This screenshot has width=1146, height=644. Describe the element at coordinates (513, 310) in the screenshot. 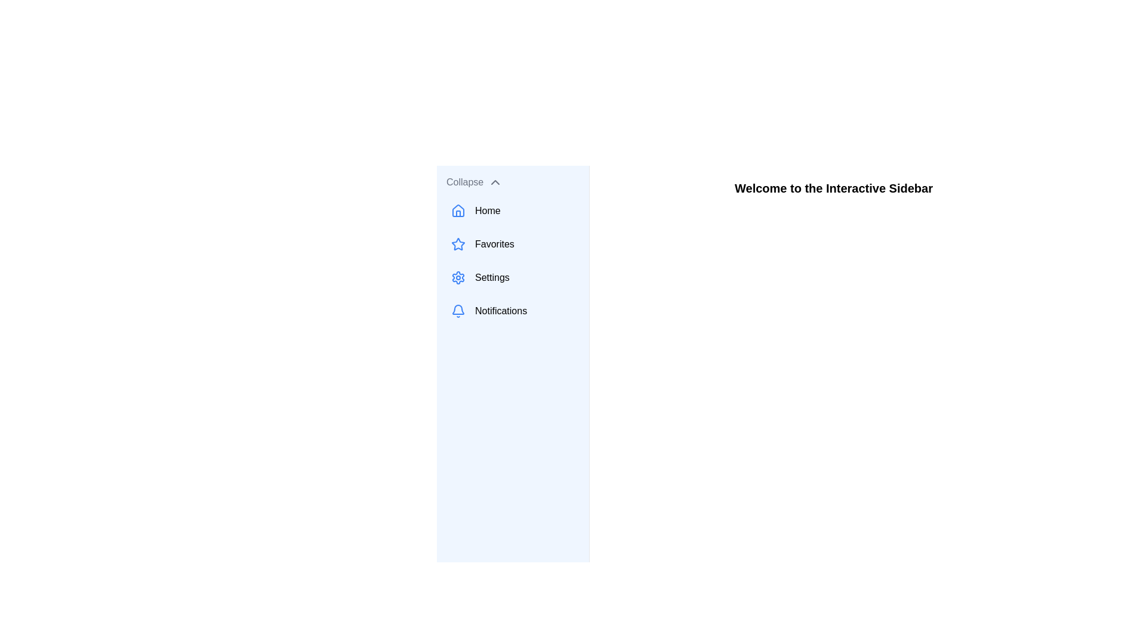

I see `the 'Notifications' navigation link, which is styled with a bell icon and black text, located in the sidebar below 'Settings'` at that location.